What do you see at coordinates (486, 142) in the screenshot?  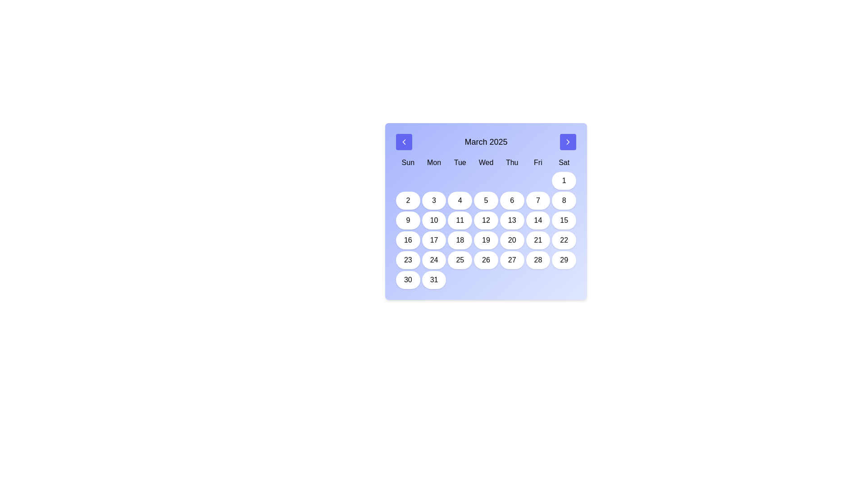 I see `the text label displaying 'March 2025' in a bold font, which is centrally located within the calendar interface, surrounded by navigation chevron buttons` at bounding box center [486, 142].